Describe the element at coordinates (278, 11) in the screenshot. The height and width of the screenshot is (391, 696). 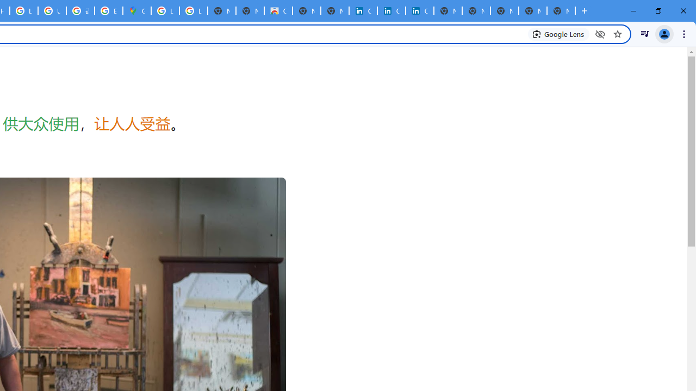
I see `'Chrome Web Store'` at that location.